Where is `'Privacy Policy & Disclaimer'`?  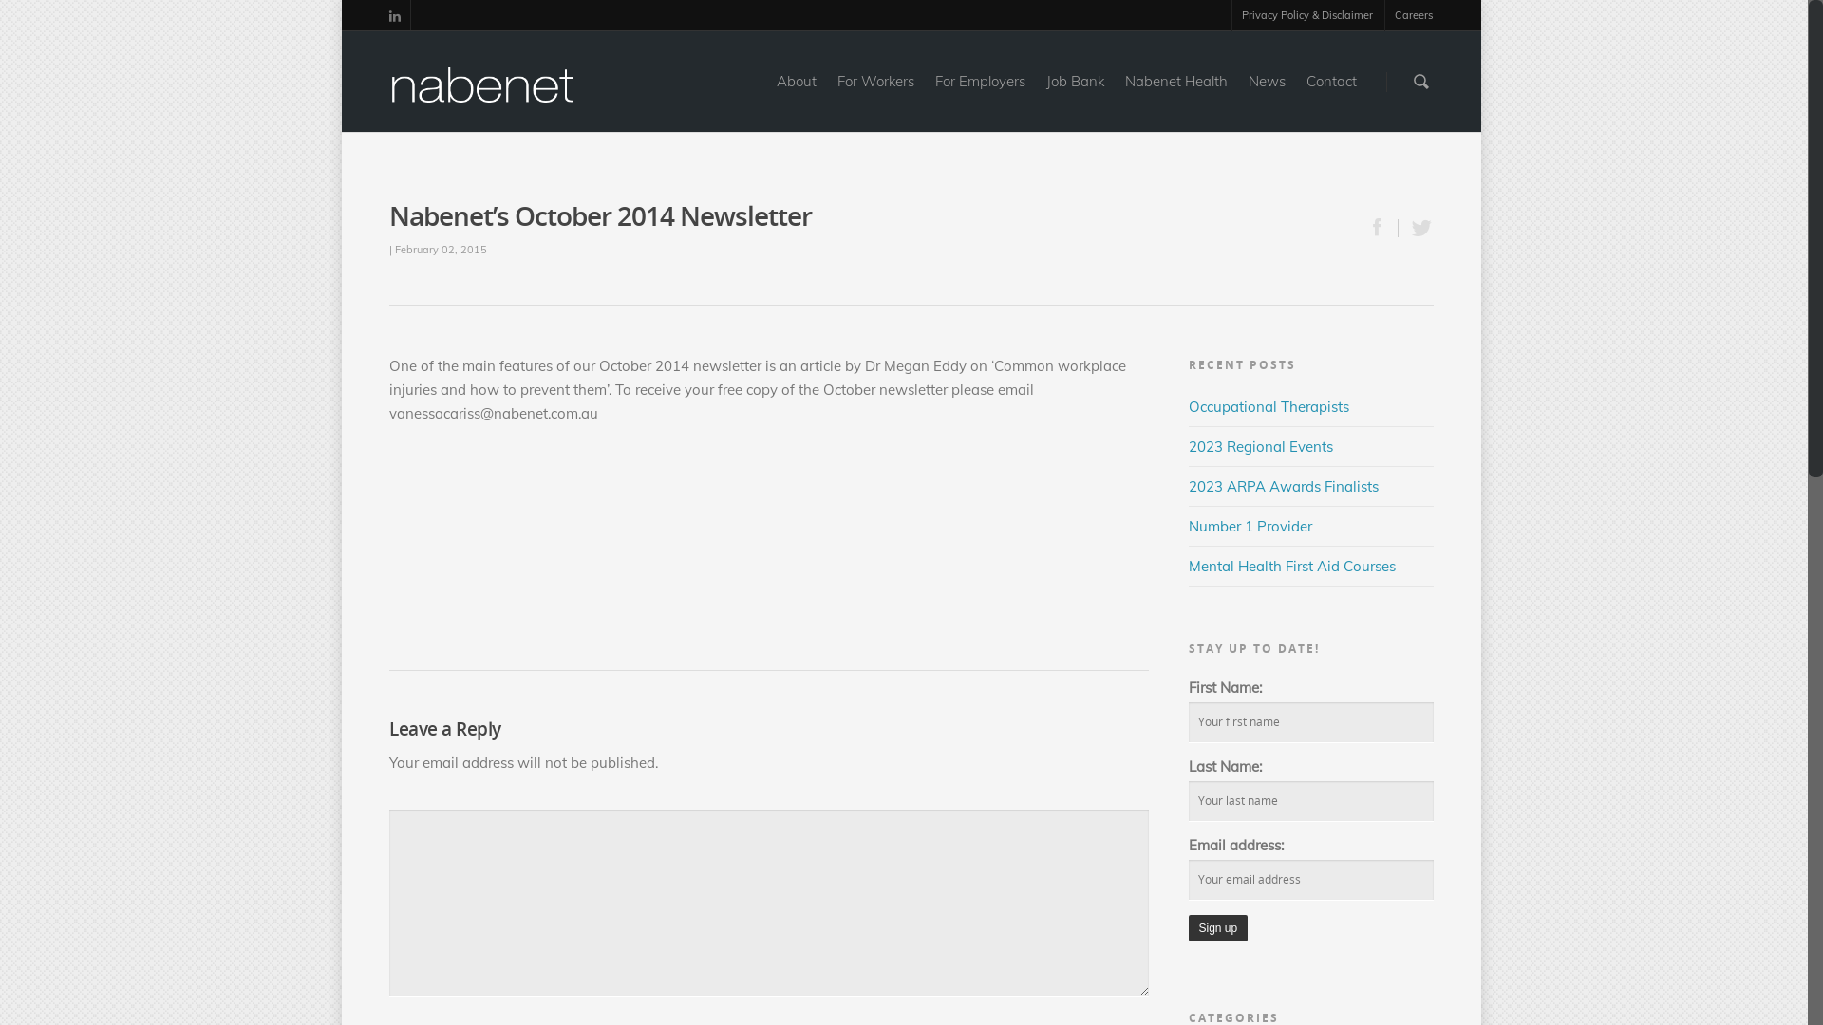
'Privacy Policy & Disclaimer' is located at coordinates (1306, 15).